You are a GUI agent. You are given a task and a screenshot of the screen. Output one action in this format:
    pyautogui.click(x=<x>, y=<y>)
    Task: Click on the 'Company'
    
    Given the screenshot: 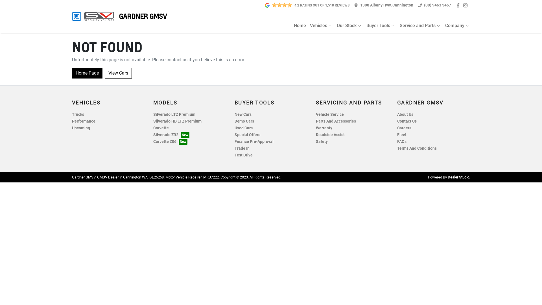 What is the action you would take?
    pyautogui.click(x=455, y=26)
    